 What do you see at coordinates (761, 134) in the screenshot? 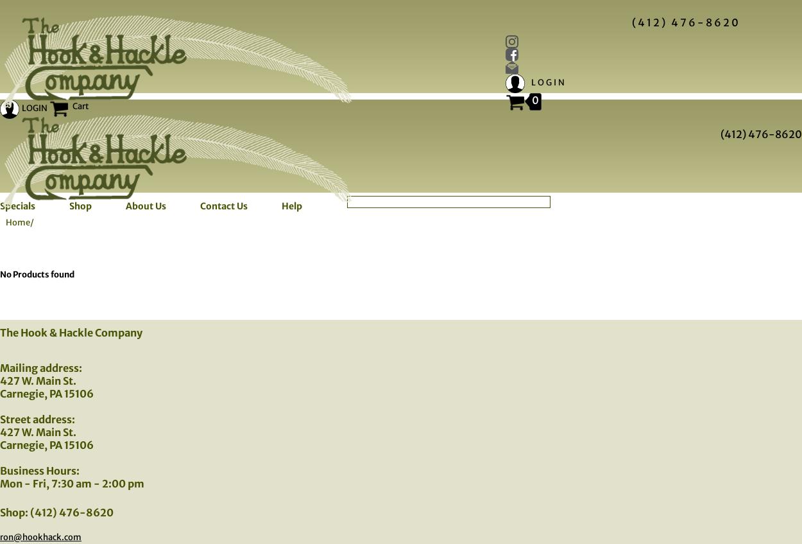
I see `'(412) 476-8620'` at bounding box center [761, 134].